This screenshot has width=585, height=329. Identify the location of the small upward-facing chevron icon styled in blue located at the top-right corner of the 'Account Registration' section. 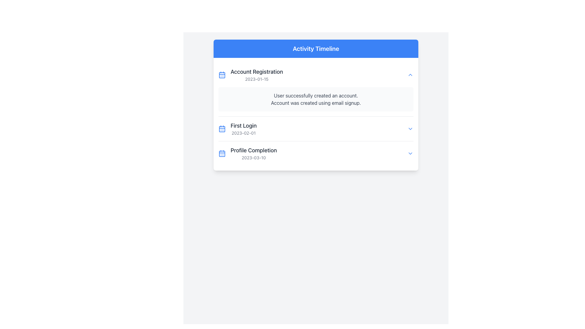
(410, 75).